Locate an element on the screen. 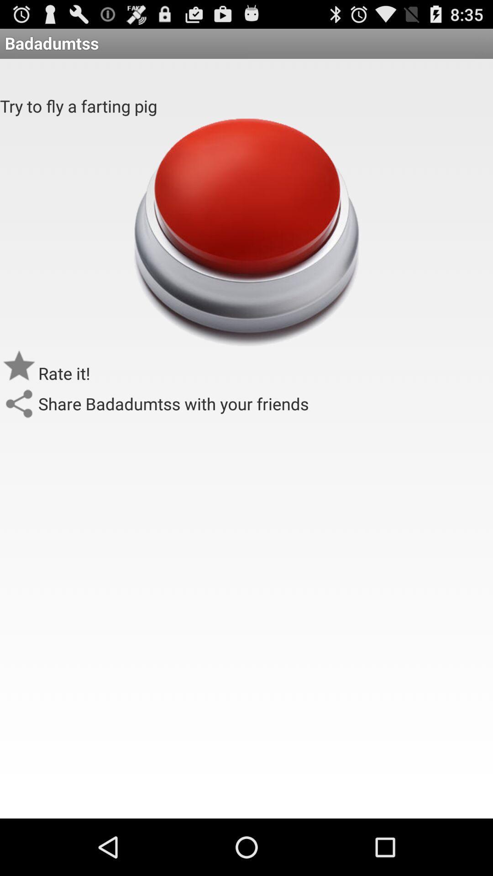  try to fly is located at coordinates (78, 106).